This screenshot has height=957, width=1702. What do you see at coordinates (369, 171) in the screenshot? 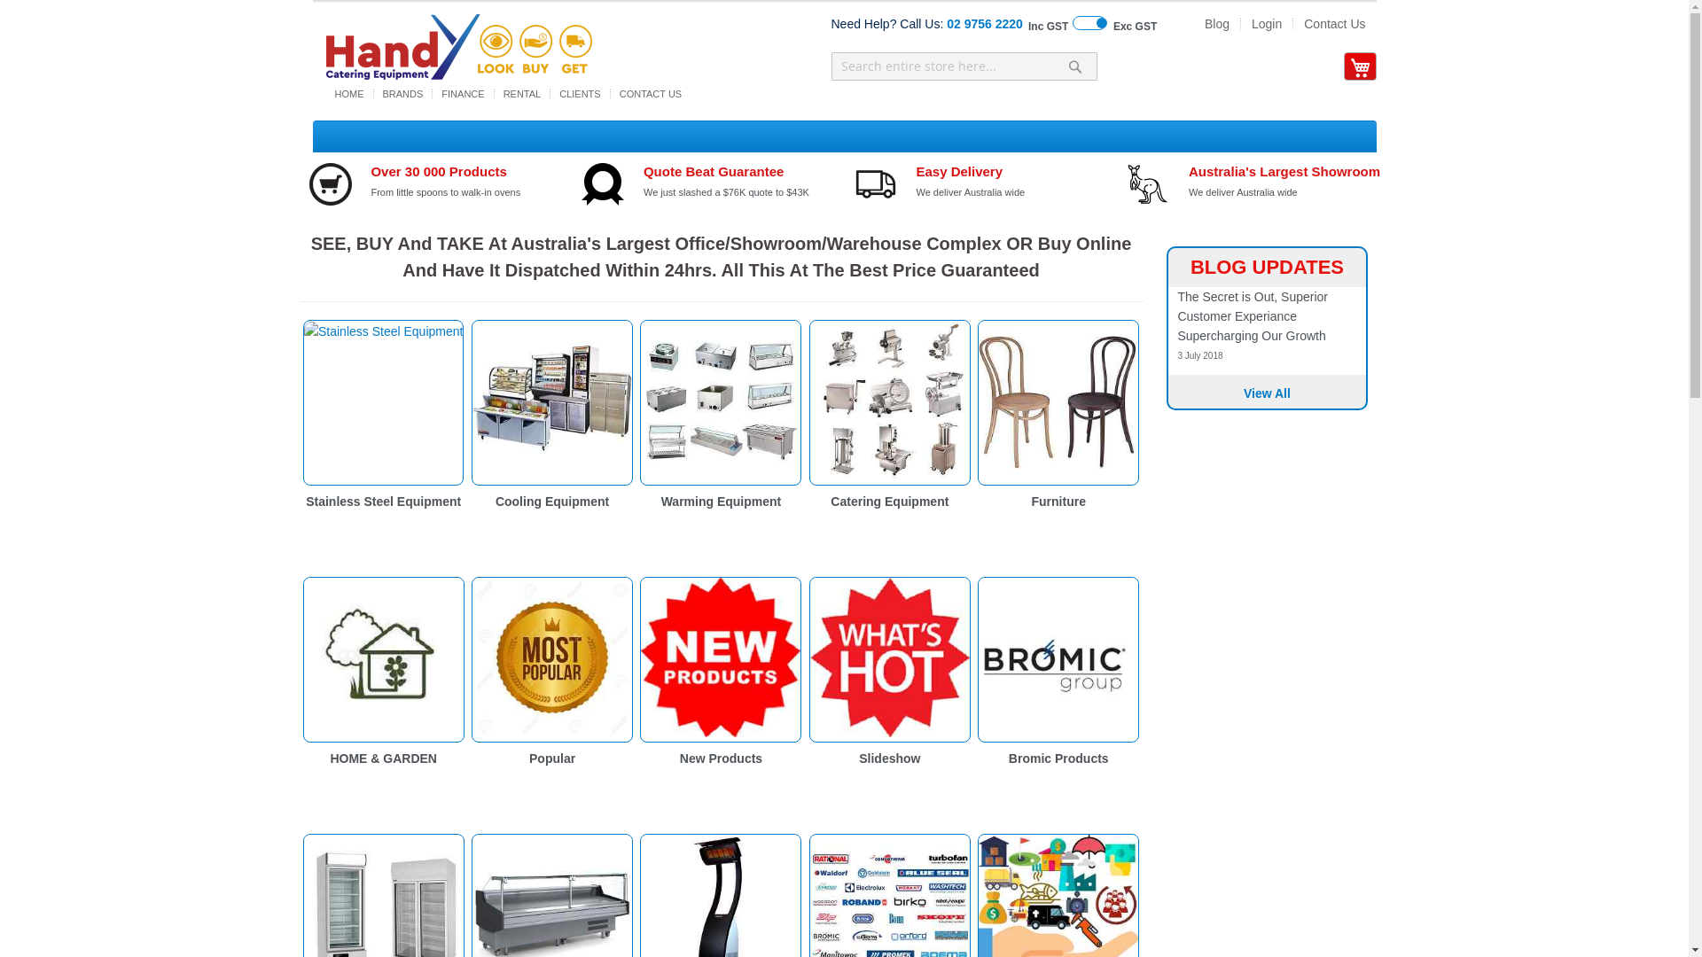
I see `'Over 30 000 Products'` at bounding box center [369, 171].